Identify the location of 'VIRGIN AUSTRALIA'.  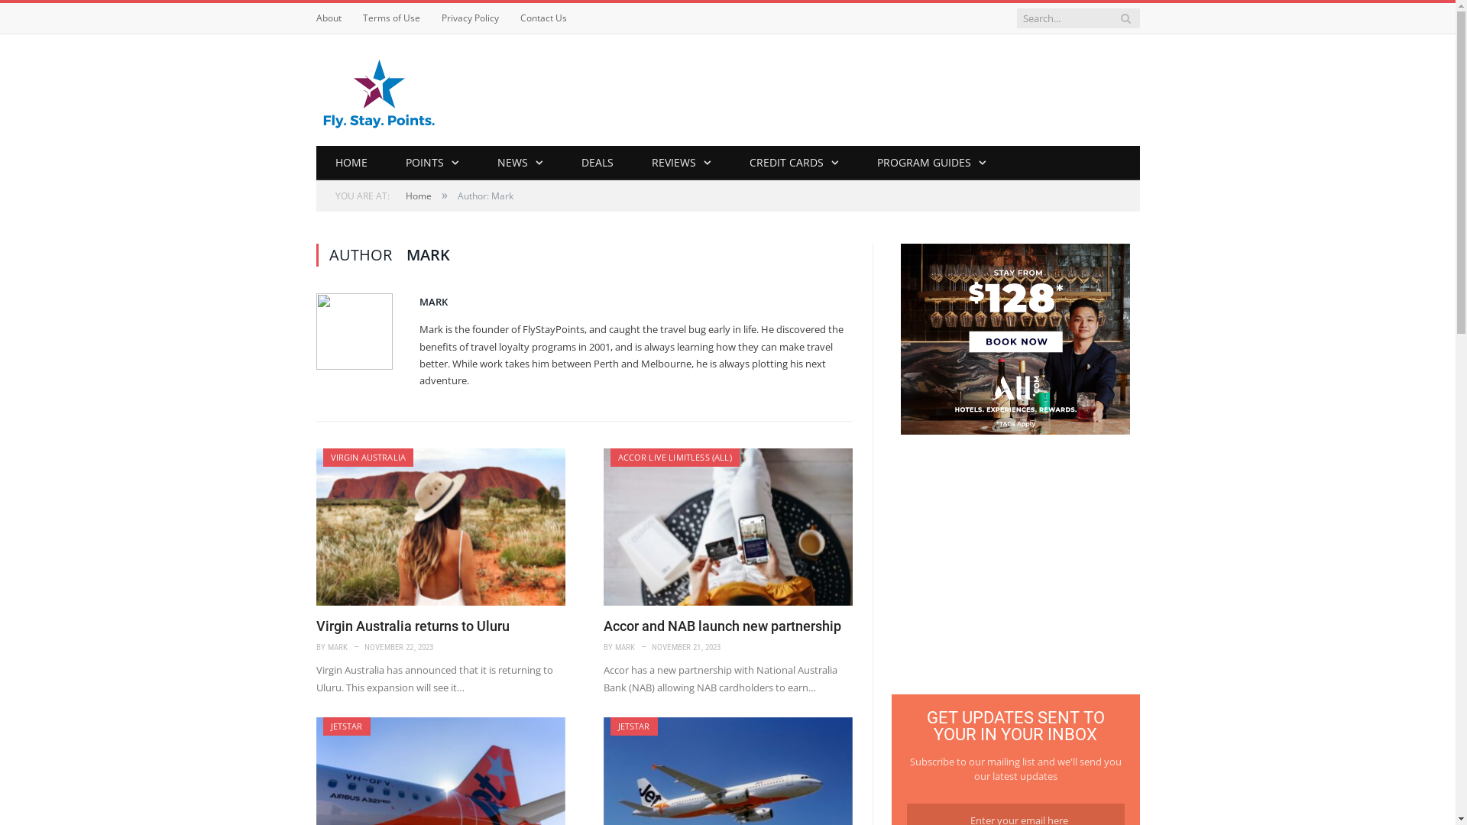
(329, 456).